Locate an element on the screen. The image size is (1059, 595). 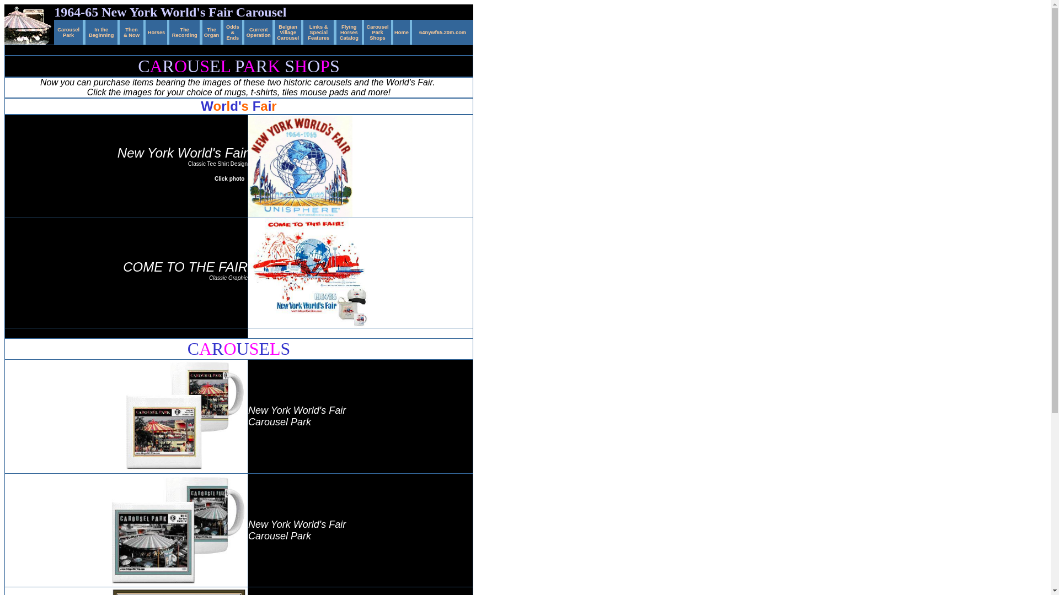
'Odds is located at coordinates (225, 30).